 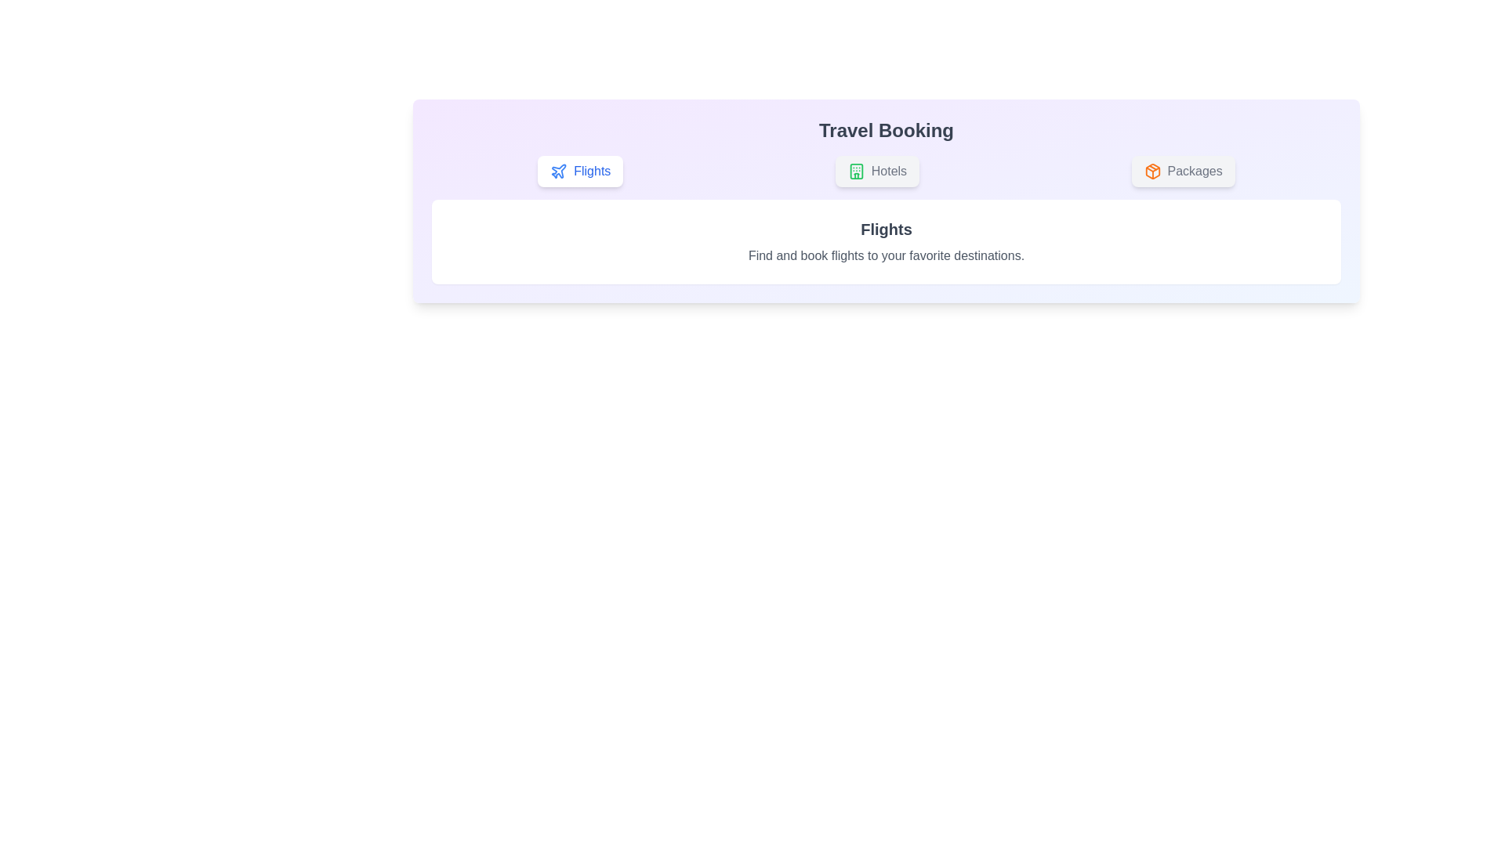 I want to click on the Flights tab to activate it, so click(x=579, y=172).